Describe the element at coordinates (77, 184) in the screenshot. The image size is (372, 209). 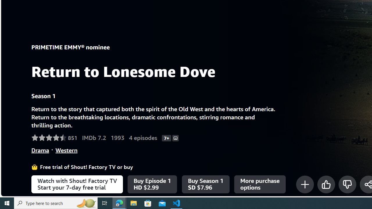
I see `'Watch with Shout! Factory TV Start your 7-day free trial'` at that location.